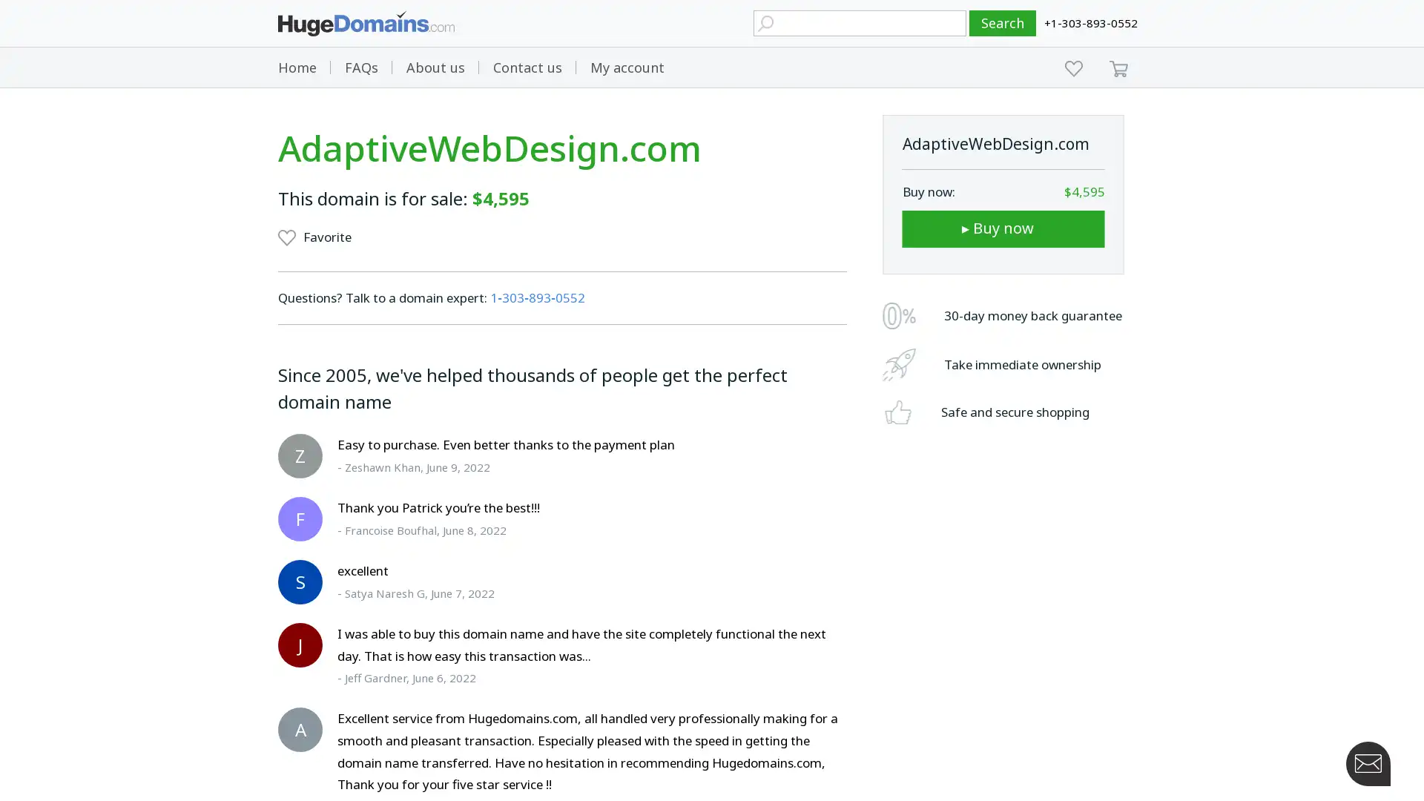 The width and height of the screenshot is (1424, 801). What do you see at coordinates (1003, 23) in the screenshot?
I see `Search` at bounding box center [1003, 23].